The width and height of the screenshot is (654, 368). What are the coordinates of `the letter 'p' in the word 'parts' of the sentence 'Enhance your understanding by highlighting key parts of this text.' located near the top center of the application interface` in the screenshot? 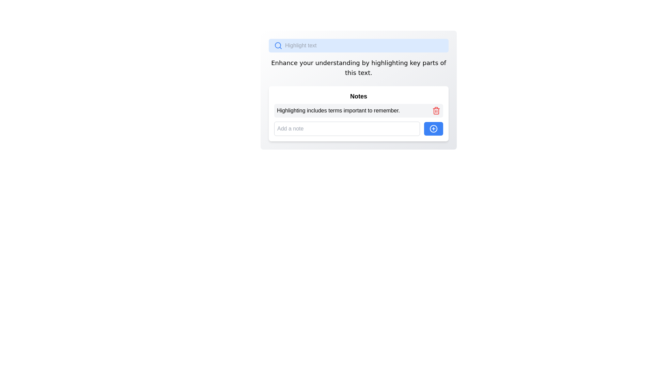 It's located at (424, 63).